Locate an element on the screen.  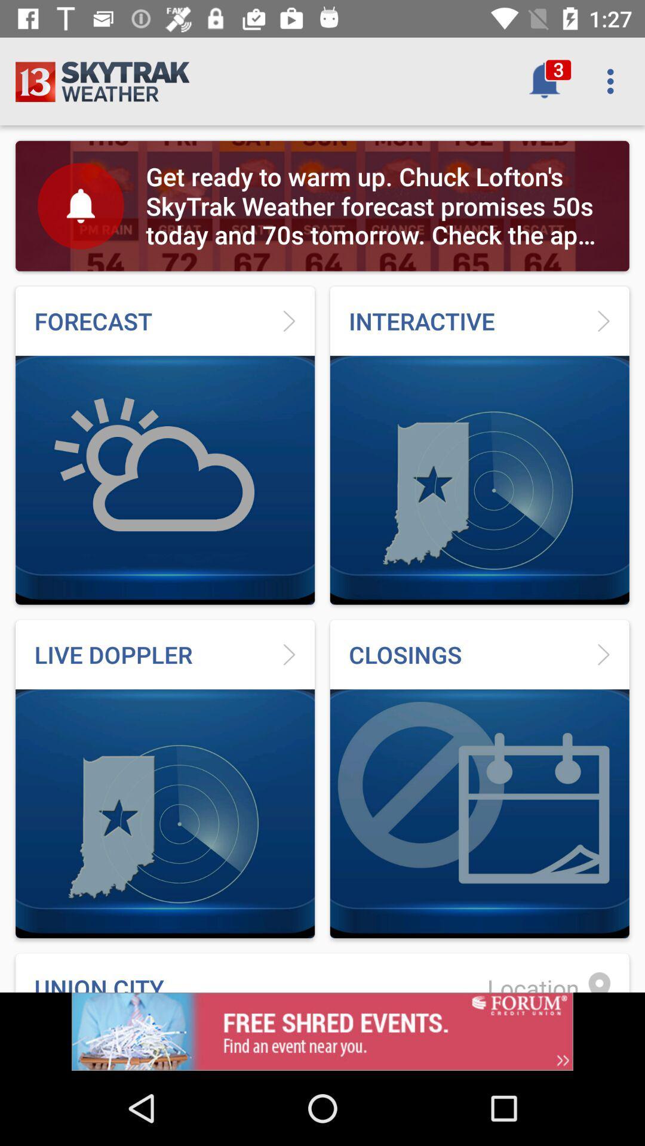
the first image  below forecast is located at coordinates (165, 480).